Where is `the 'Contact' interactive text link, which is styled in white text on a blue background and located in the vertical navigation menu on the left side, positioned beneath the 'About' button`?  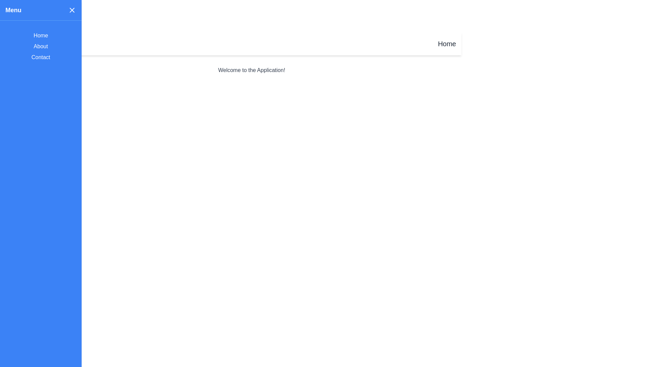
the 'Contact' interactive text link, which is styled in white text on a blue background and located in the vertical navigation menu on the left side, positioned beneath the 'About' button is located at coordinates (40, 57).